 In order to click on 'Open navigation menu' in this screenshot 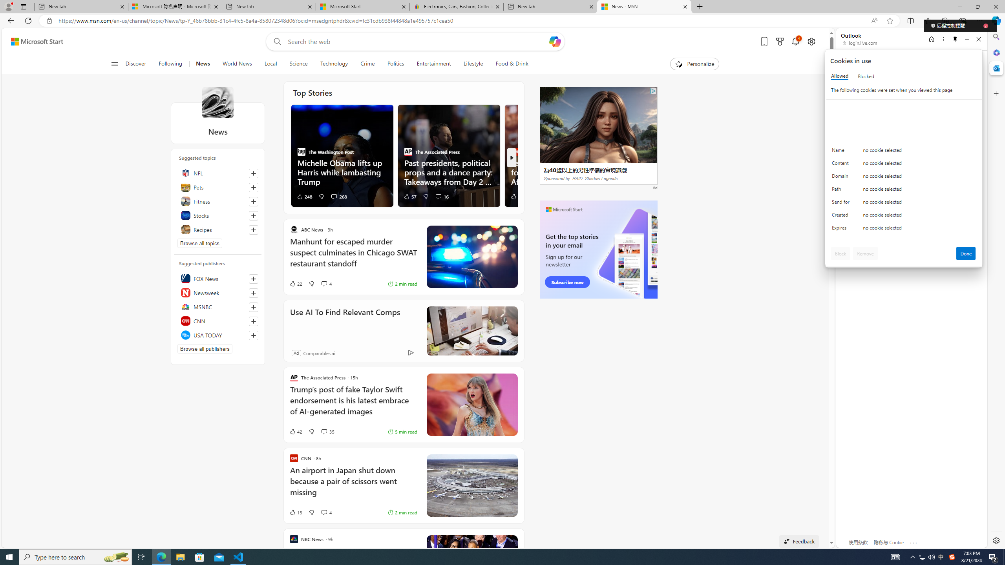, I will do `click(113, 63)`.